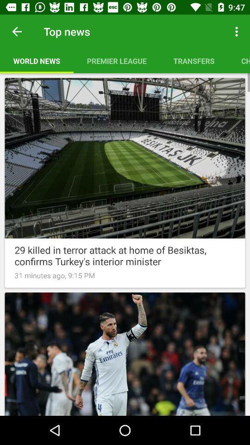  What do you see at coordinates (194, 60) in the screenshot?
I see `icon next to premier league item` at bounding box center [194, 60].